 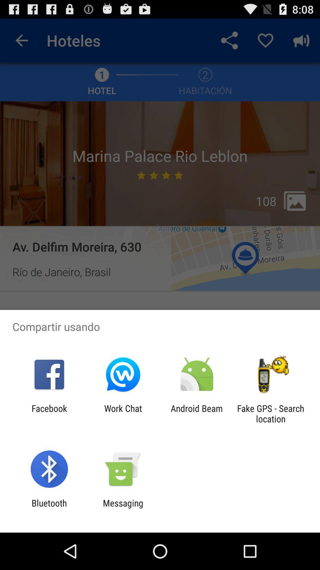 What do you see at coordinates (197, 413) in the screenshot?
I see `the icon to the left of the fake gps search app` at bounding box center [197, 413].